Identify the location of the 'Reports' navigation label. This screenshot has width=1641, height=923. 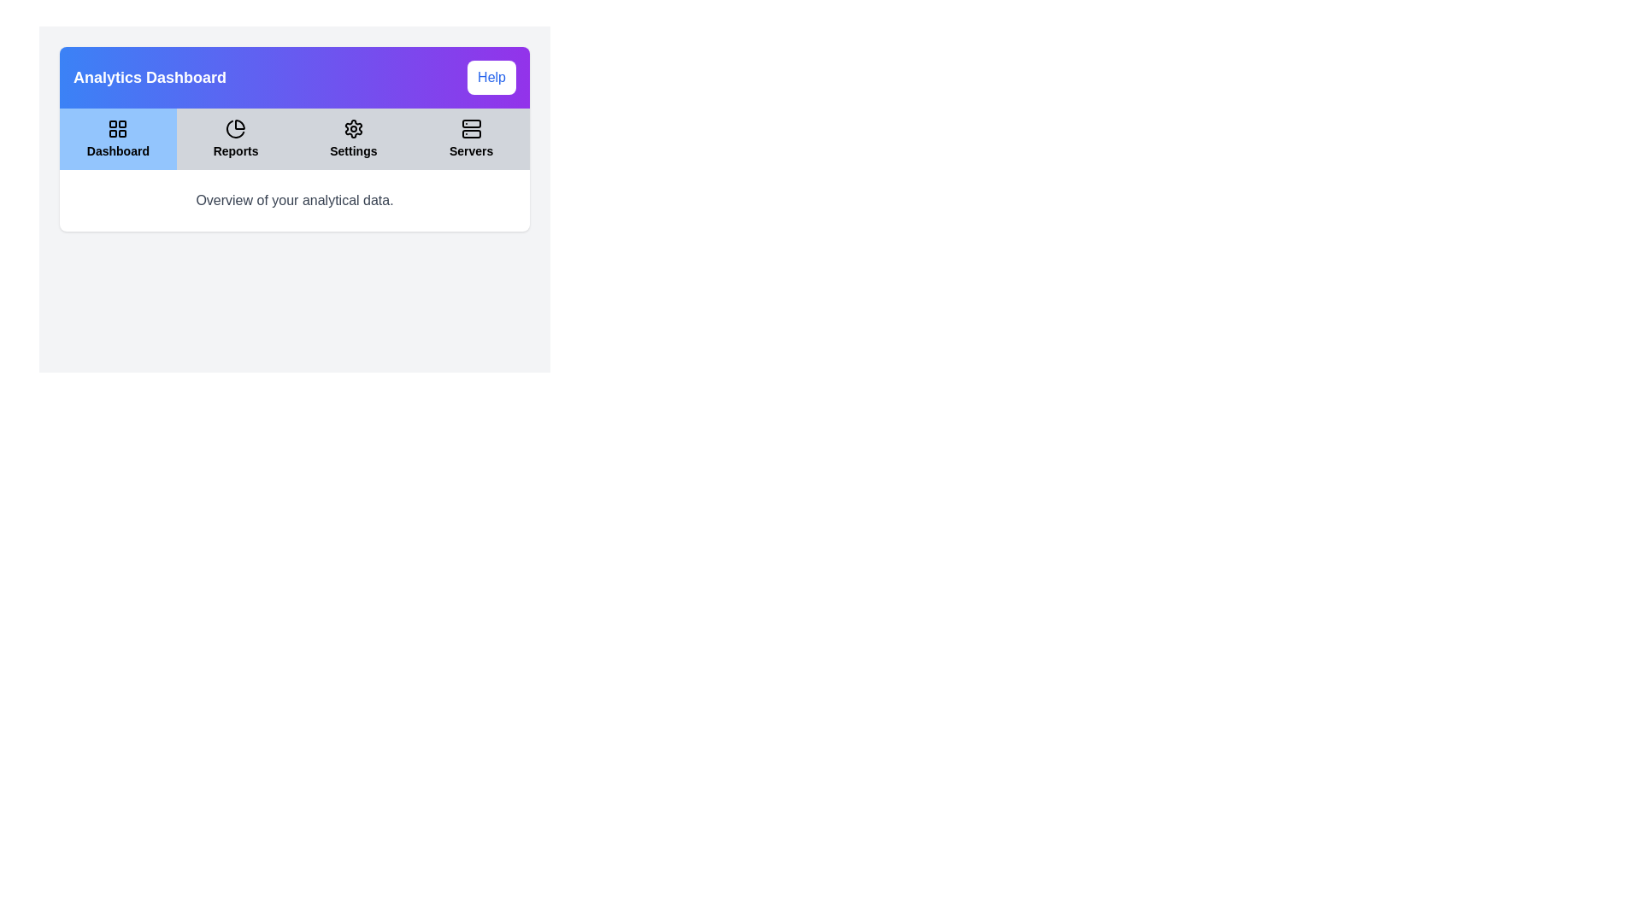
(235, 150).